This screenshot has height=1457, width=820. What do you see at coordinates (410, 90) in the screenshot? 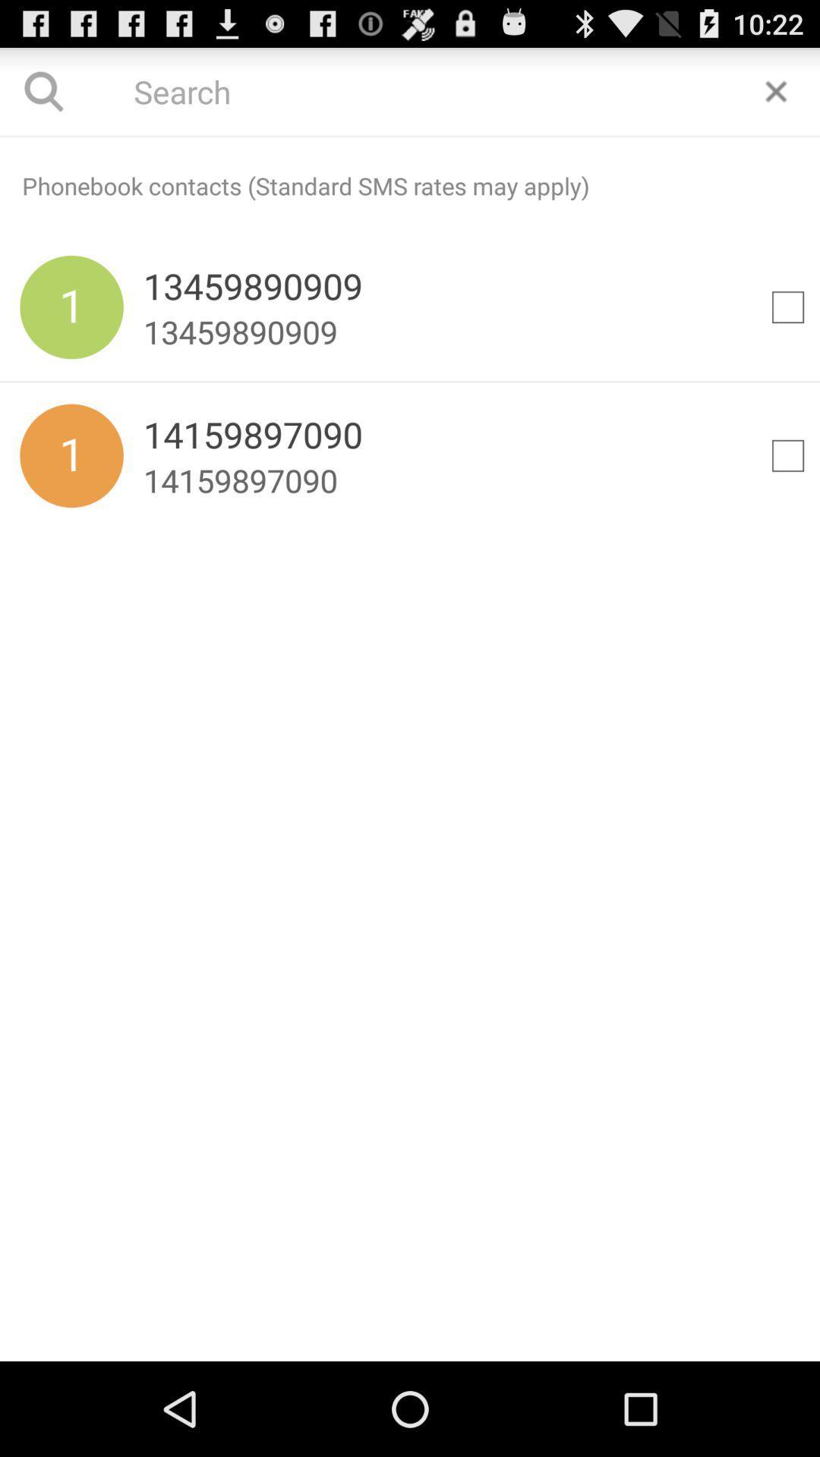
I see `input query` at bounding box center [410, 90].